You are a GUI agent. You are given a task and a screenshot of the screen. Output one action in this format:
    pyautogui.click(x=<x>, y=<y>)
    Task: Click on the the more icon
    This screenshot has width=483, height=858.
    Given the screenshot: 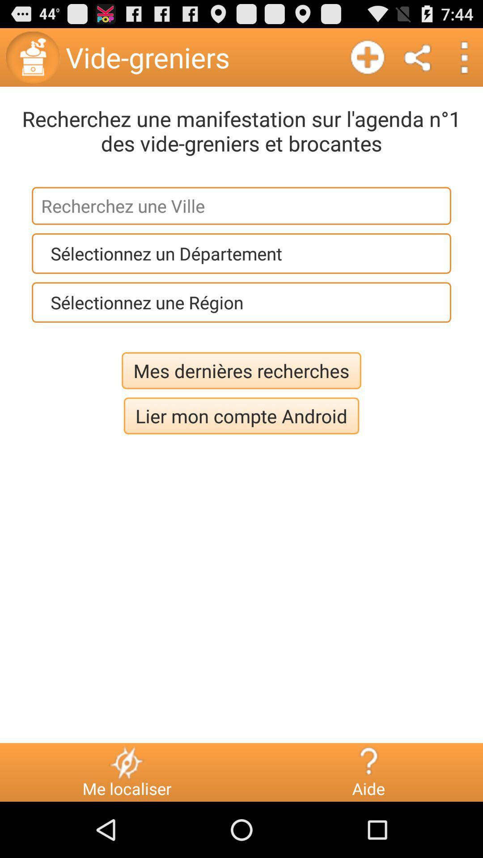 What is the action you would take?
    pyautogui.click(x=463, y=61)
    